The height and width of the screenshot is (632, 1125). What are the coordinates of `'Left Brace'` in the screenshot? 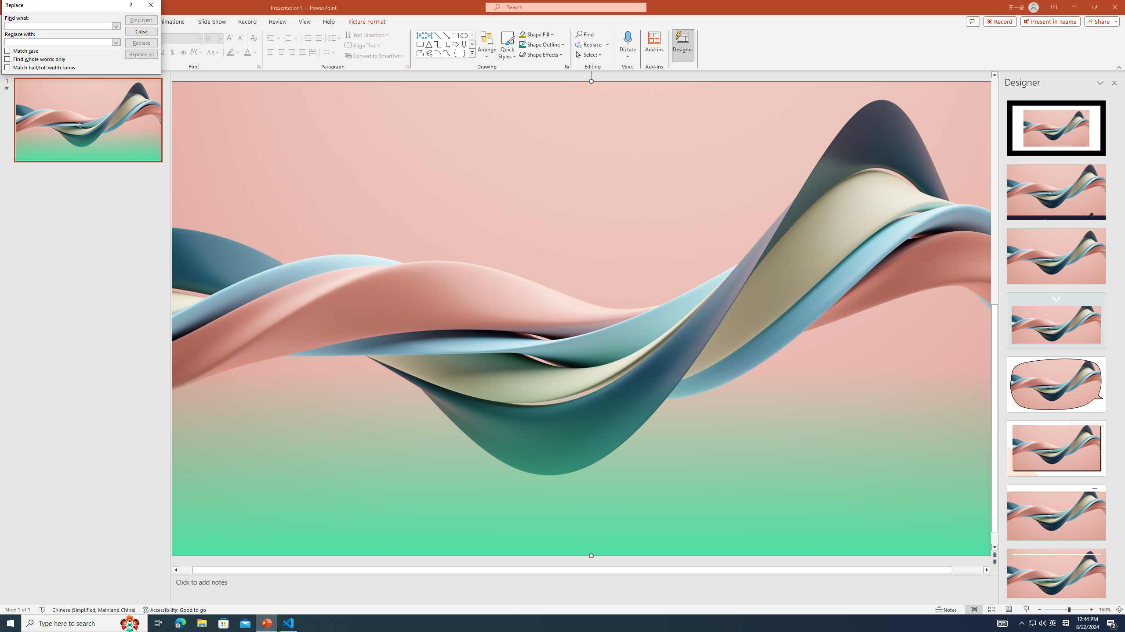 It's located at (455, 52).